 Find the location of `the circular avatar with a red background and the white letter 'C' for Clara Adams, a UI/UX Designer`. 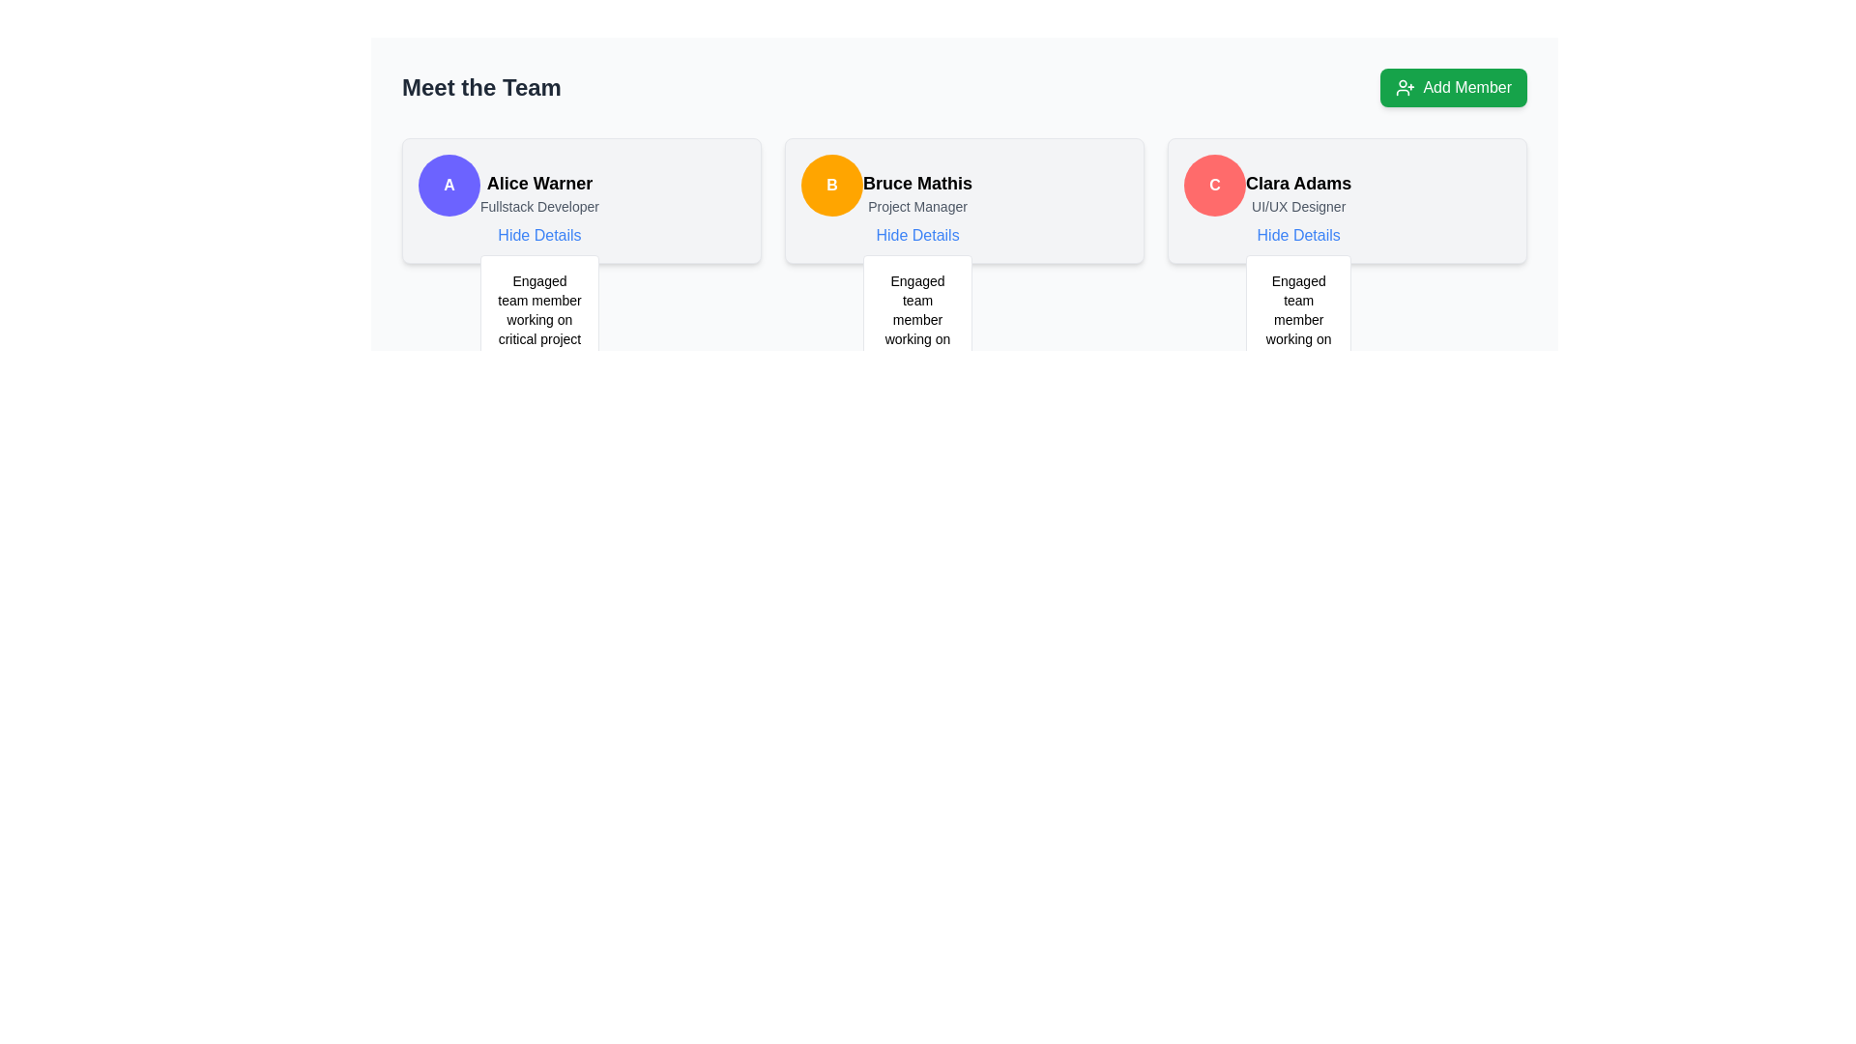

the circular avatar with a red background and the white letter 'C' for Clara Adams, a UI/UX Designer is located at coordinates (1214, 186).